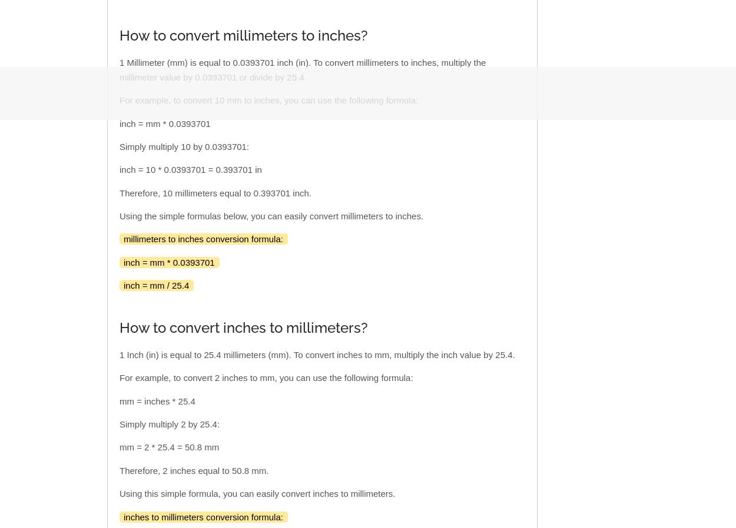 The height and width of the screenshot is (528, 736). What do you see at coordinates (215, 192) in the screenshot?
I see `'Therefore, 10 millimeters equal to 0.393701 inch.'` at bounding box center [215, 192].